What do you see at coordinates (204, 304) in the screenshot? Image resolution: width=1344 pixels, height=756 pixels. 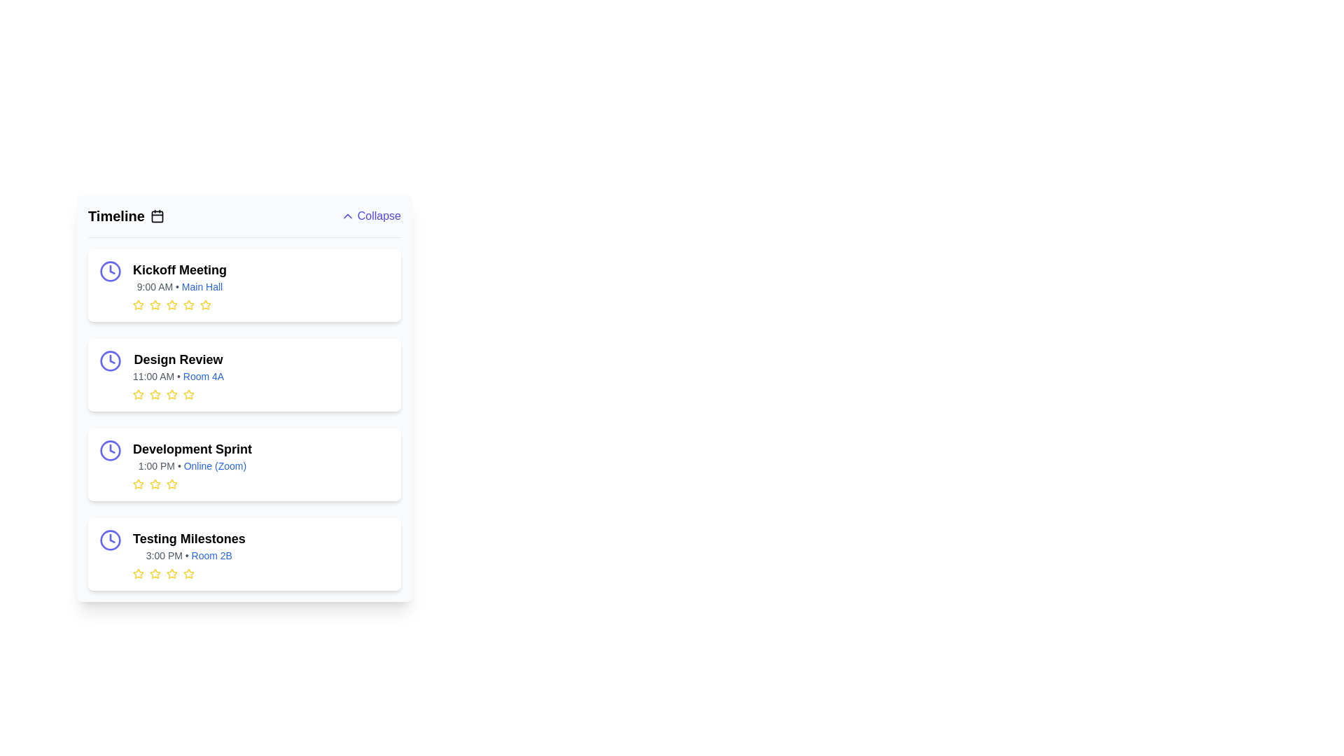 I see `the first rating star for the 'Kickoff Meeting' event` at bounding box center [204, 304].